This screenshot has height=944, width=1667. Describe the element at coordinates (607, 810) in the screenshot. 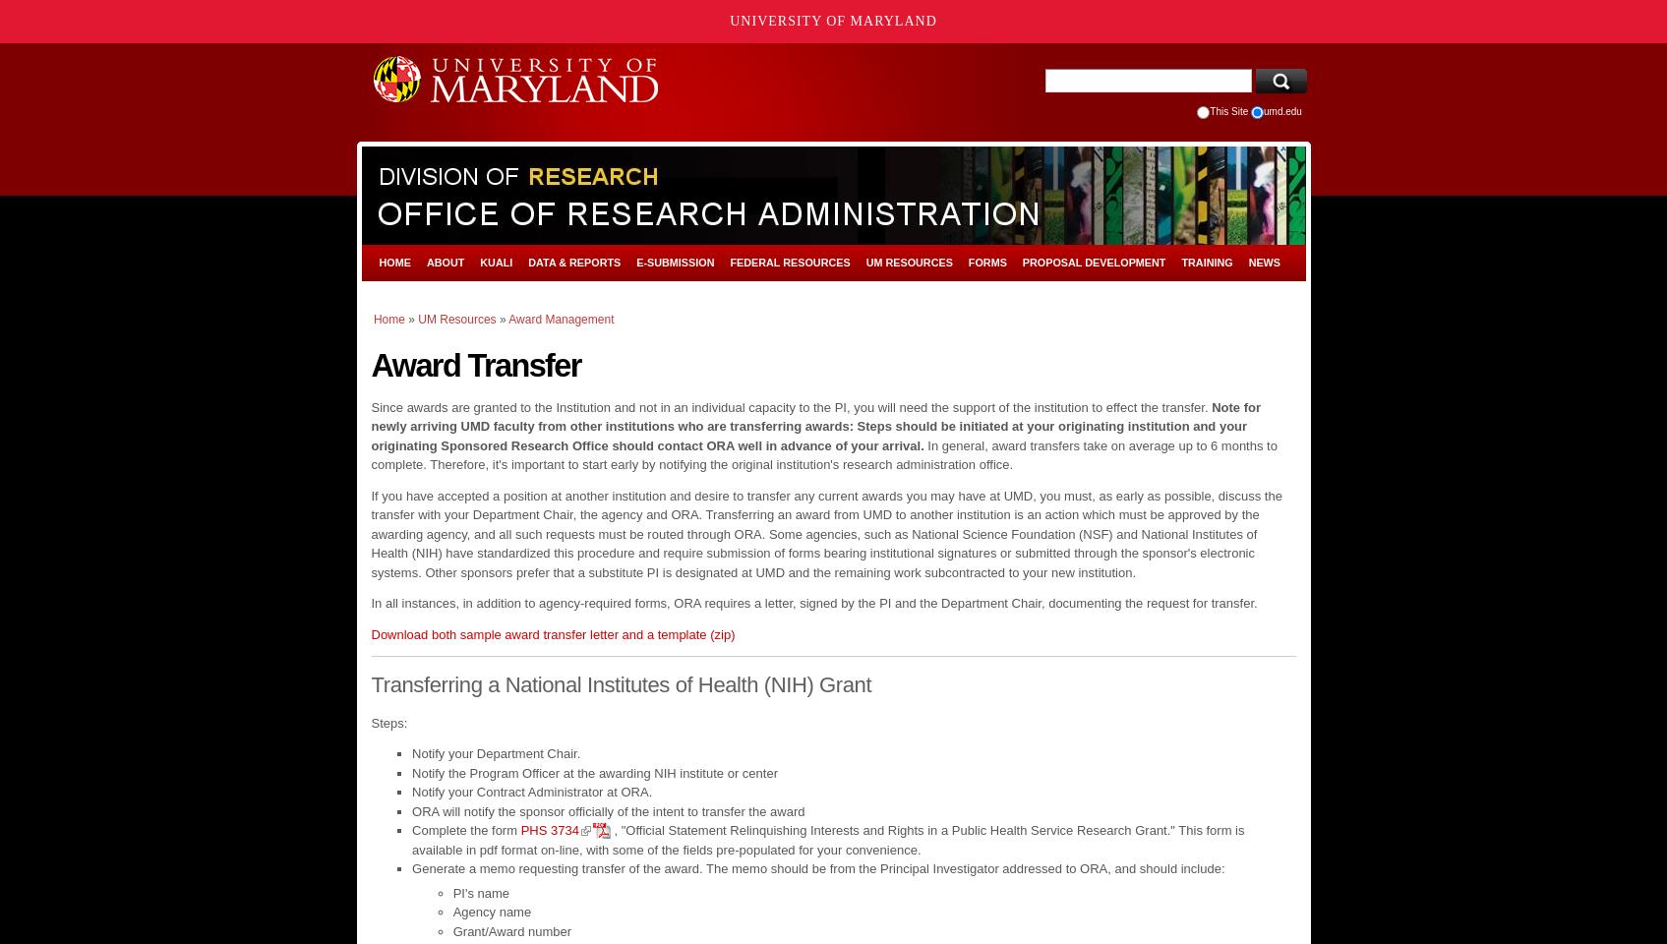

I see `'ORA will notify the sponsor officially of the intent to transfer the award'` at that location.